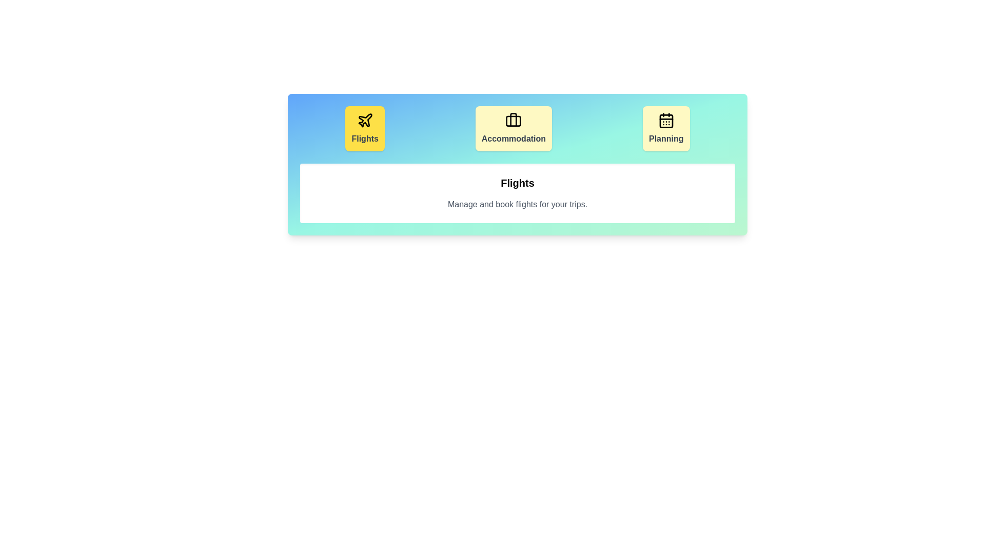  What do you see at coordinates (514, 128) in the screenshot?
I see `the button labeled Accommodation` at bounding box center [514, 128].